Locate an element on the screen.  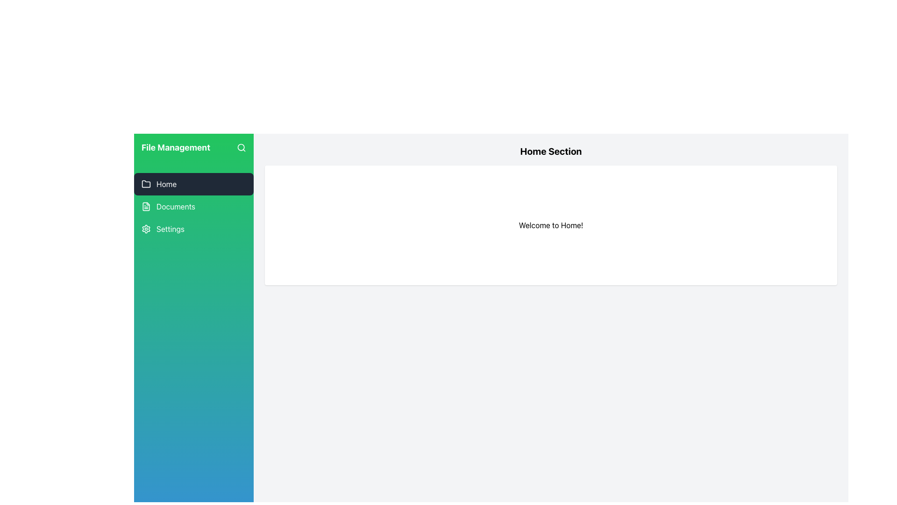
the 'Documents' navigation link in the sidebar menu to highlight it is located at coordinates (193, 206).